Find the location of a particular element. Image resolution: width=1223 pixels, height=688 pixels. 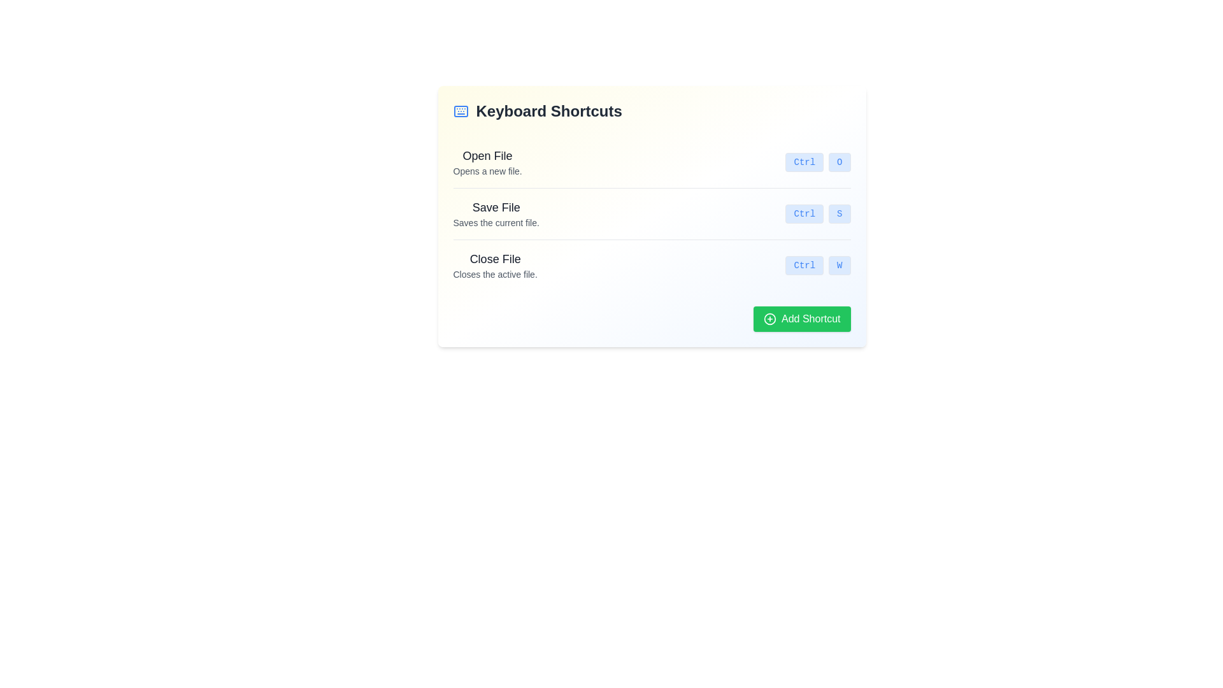

shortcut from the second row of the list item under 'Keyboard Shortcuts', which includes a title, description, and corresponding shortcuts styled with a blue background is located at coordinates (652, 213).